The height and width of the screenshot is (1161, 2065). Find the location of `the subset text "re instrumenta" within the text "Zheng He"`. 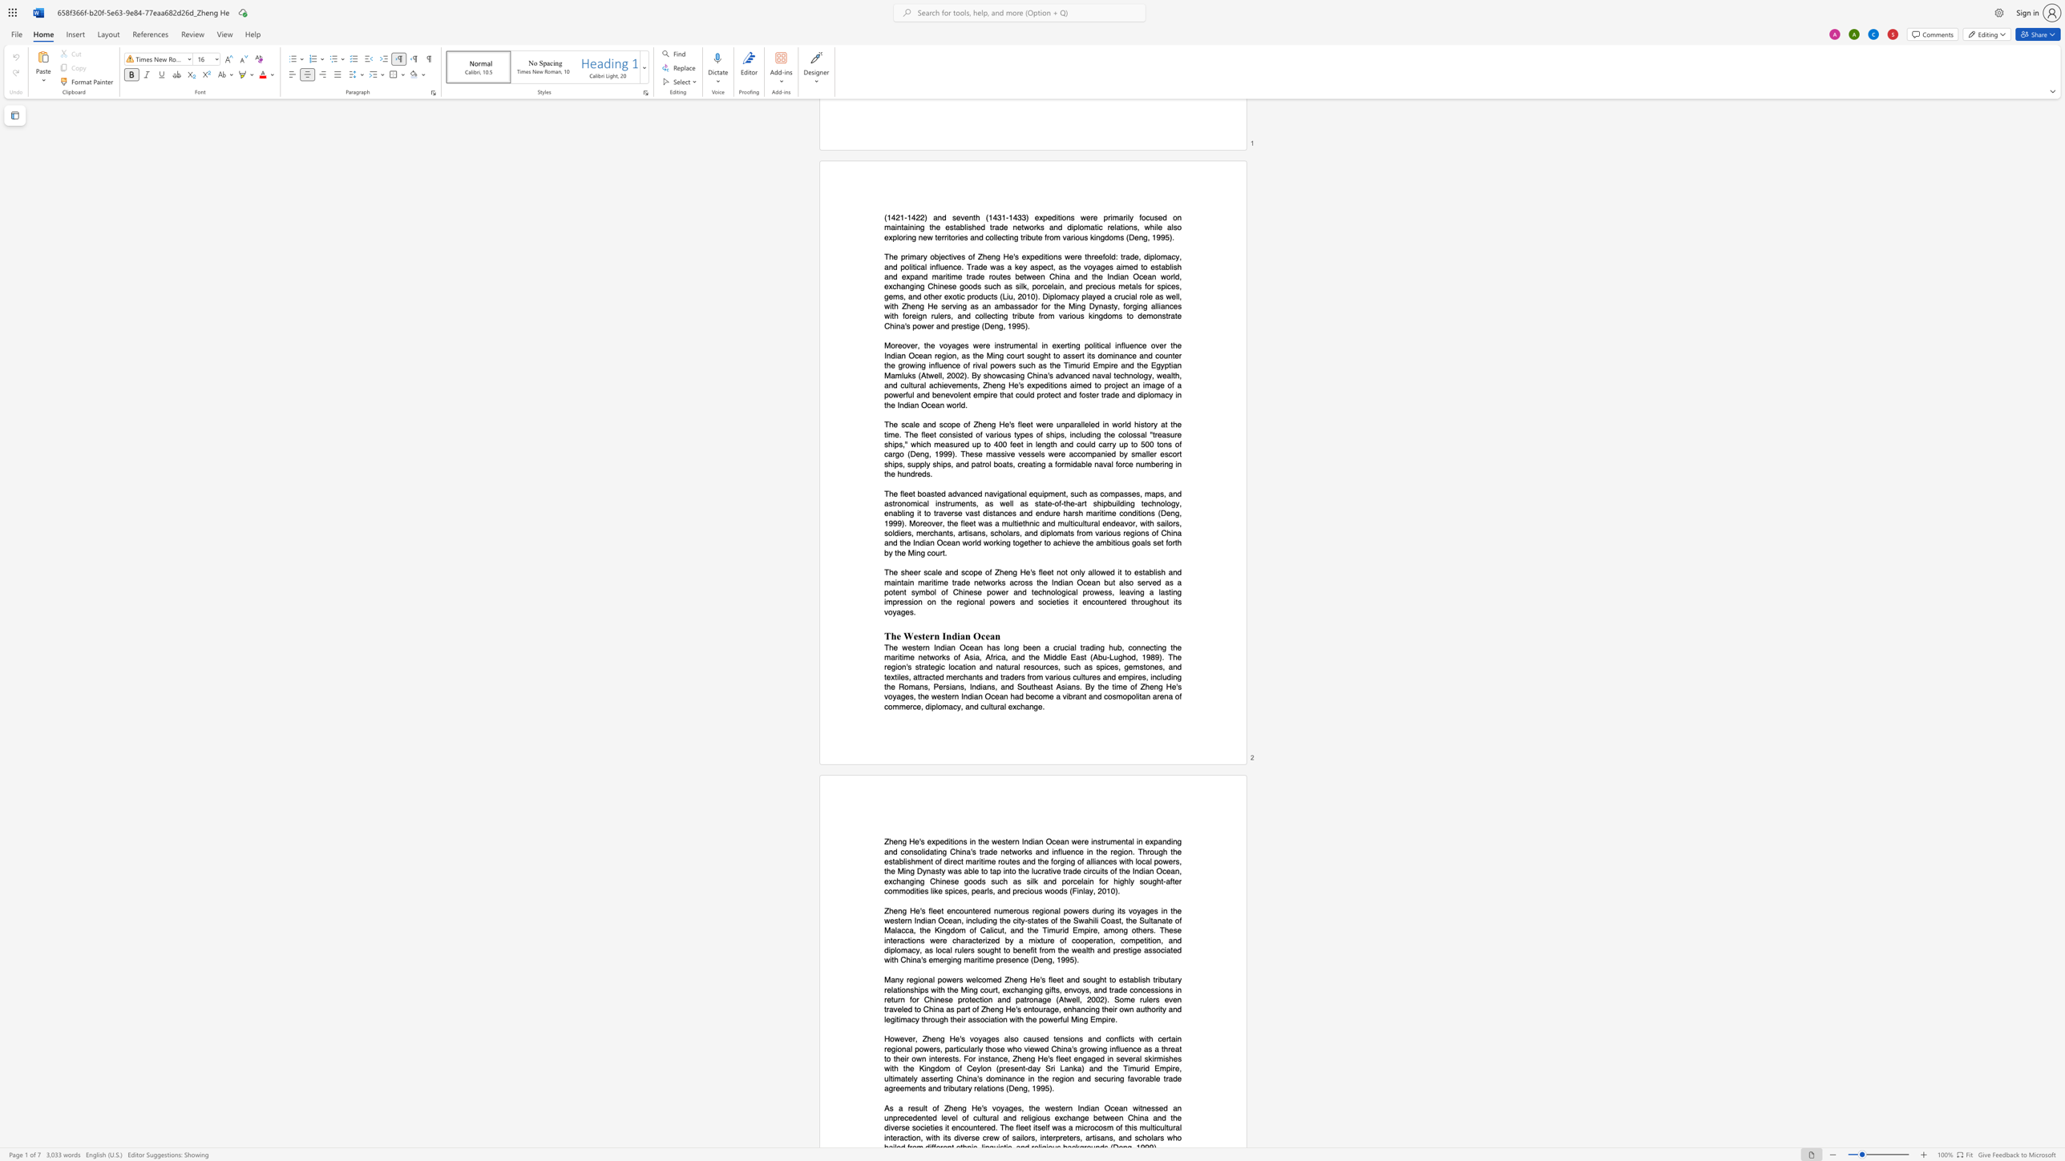

the subset text "re instrumenta" within the text "Zheng He" is located at coordinates (1081, 841).